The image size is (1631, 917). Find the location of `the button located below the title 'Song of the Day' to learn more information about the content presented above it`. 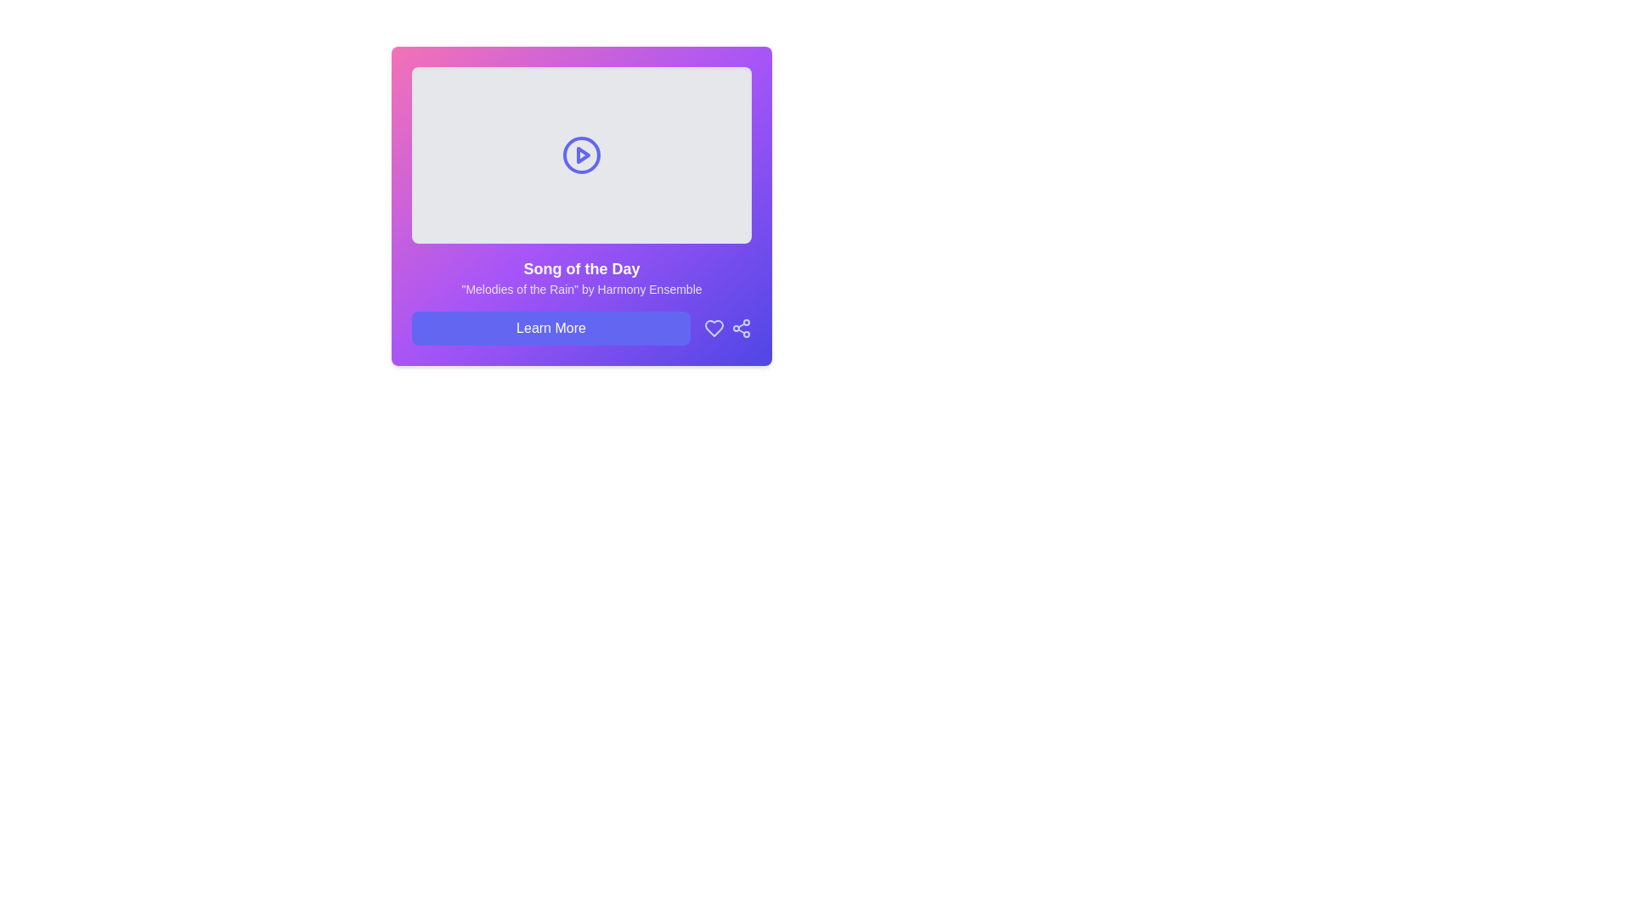

the button located below the title 'Song of the Day' to learn more information about the content presented above it is located at coordinates (550, 328).